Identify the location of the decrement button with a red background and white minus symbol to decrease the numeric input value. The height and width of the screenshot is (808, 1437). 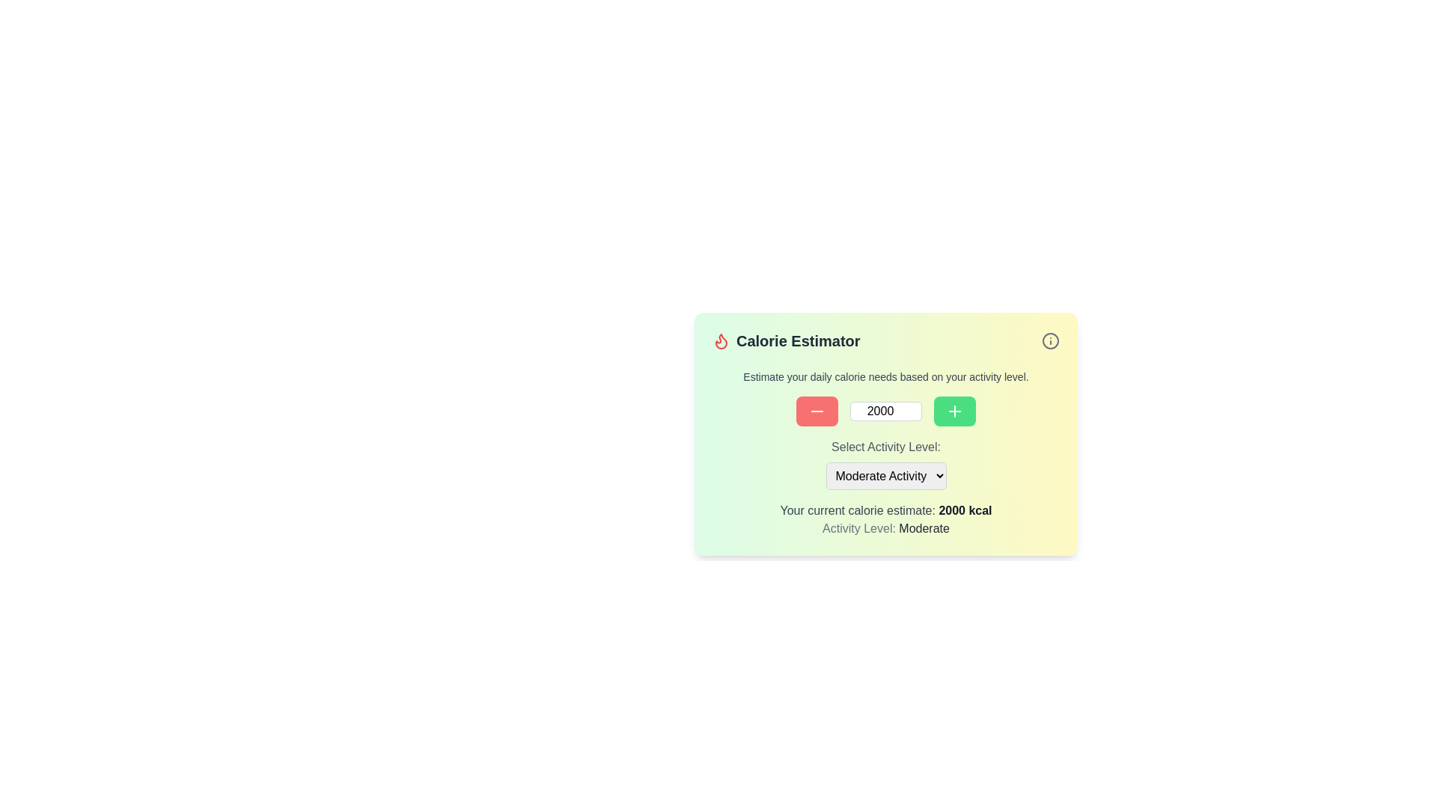
(816, 411).